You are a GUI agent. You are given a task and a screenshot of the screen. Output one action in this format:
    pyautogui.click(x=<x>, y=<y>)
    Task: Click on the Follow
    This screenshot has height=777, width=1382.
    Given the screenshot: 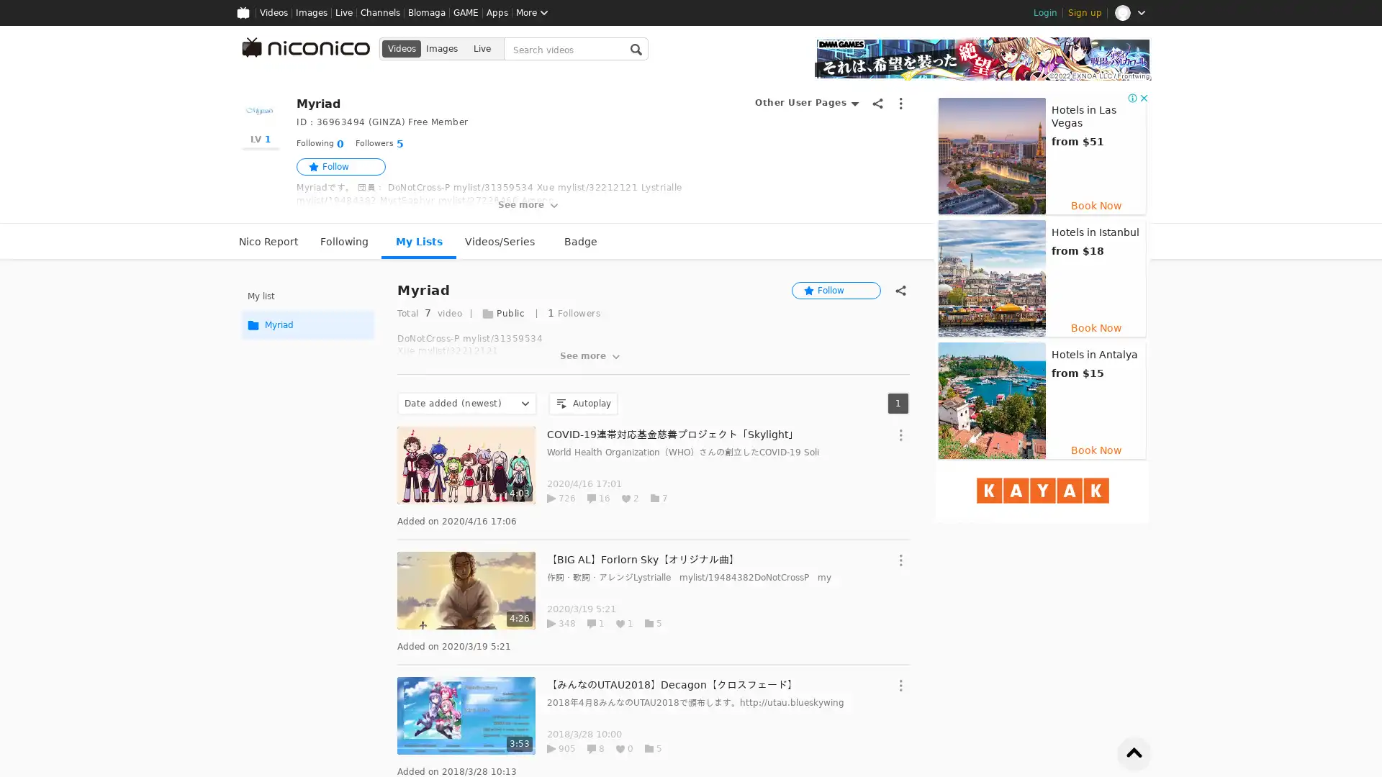 What is the action you would take?
    pyautogui.click(x=836, y=291)
    